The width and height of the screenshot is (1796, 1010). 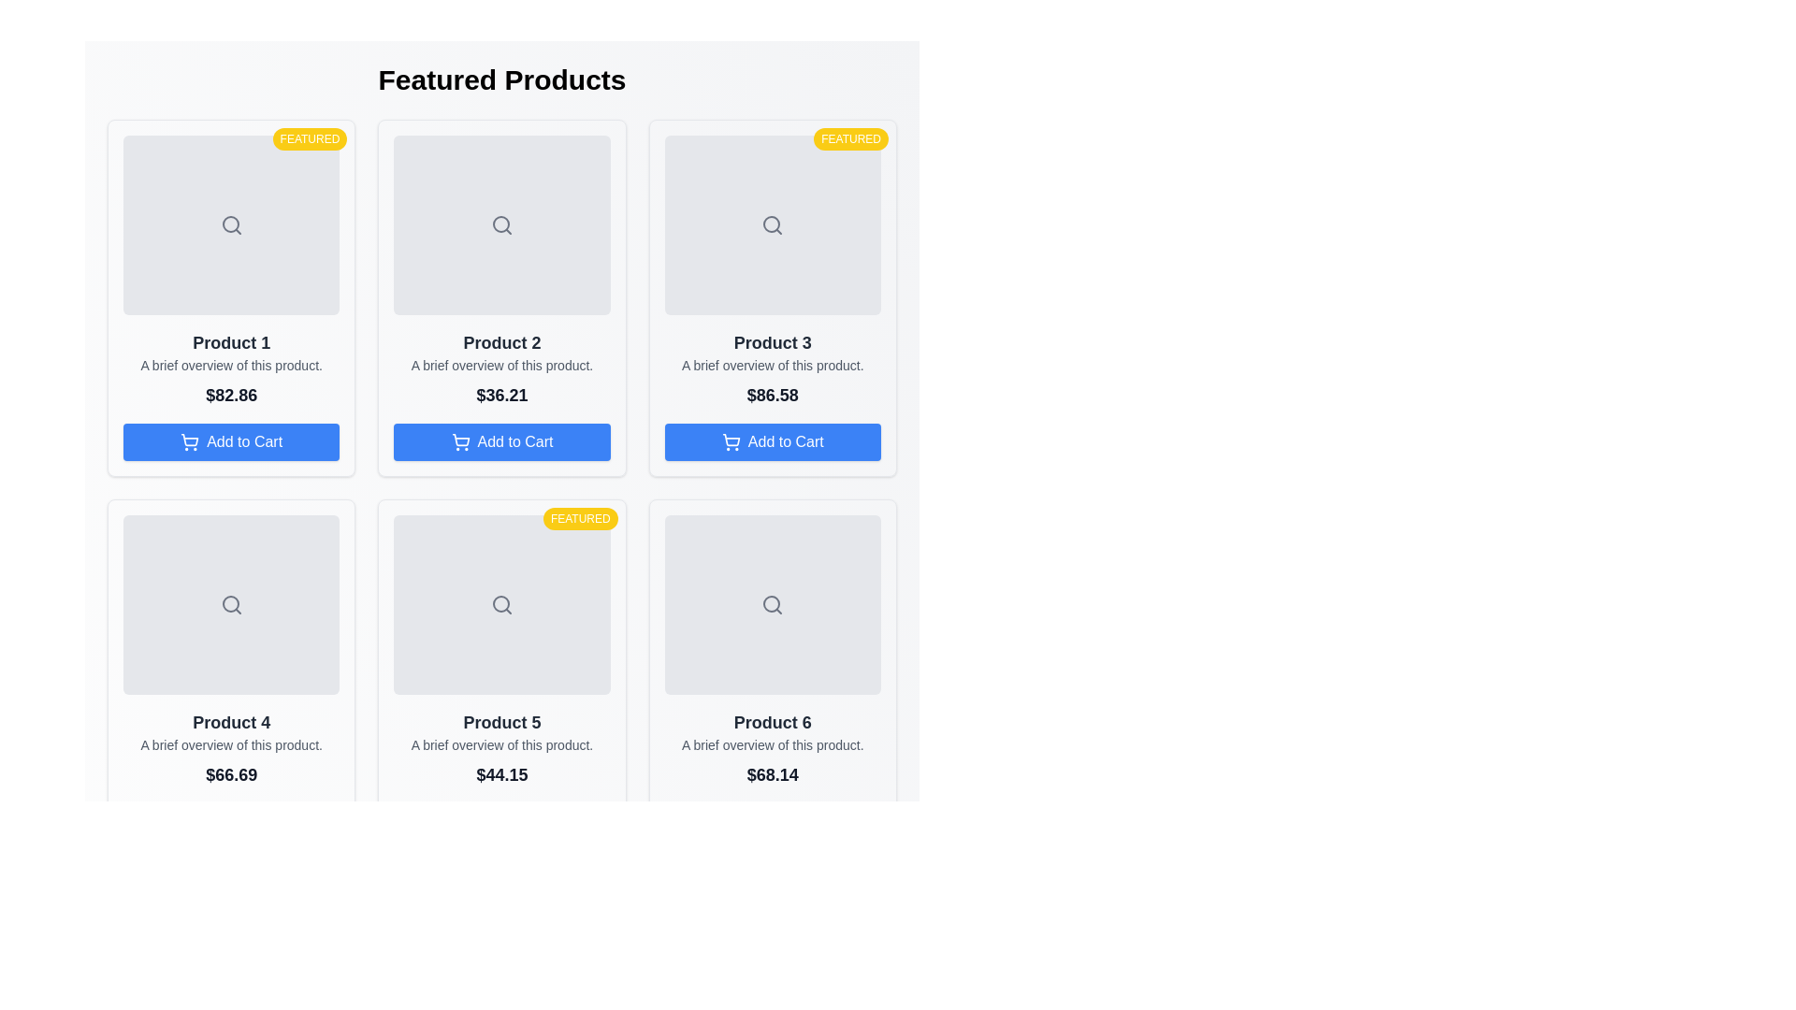 I want to click on the magnifying glass icon located at the center of the product card for 'Product 2', so click(x=501, y=223).